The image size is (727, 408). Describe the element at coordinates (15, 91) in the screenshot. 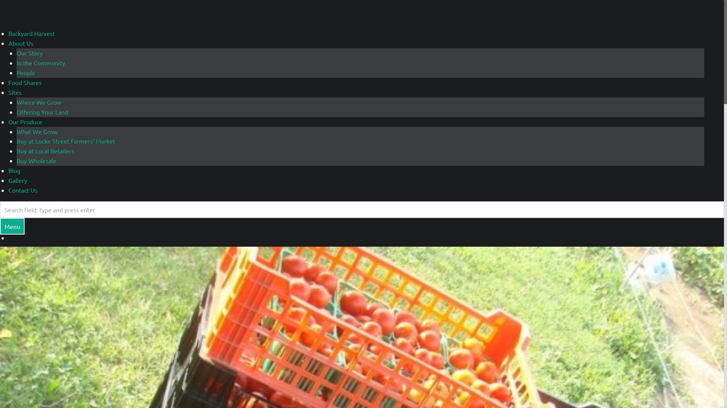

I see `'Sites'` at that location.